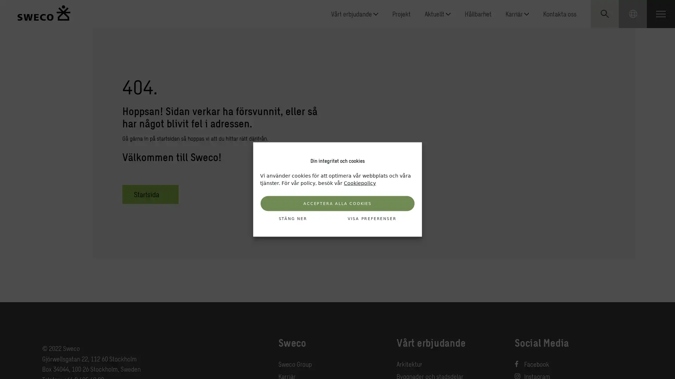 The image size is (675, 379). I want to click on ACCEPTERA ALLA COOKIES, so click(337, 203).